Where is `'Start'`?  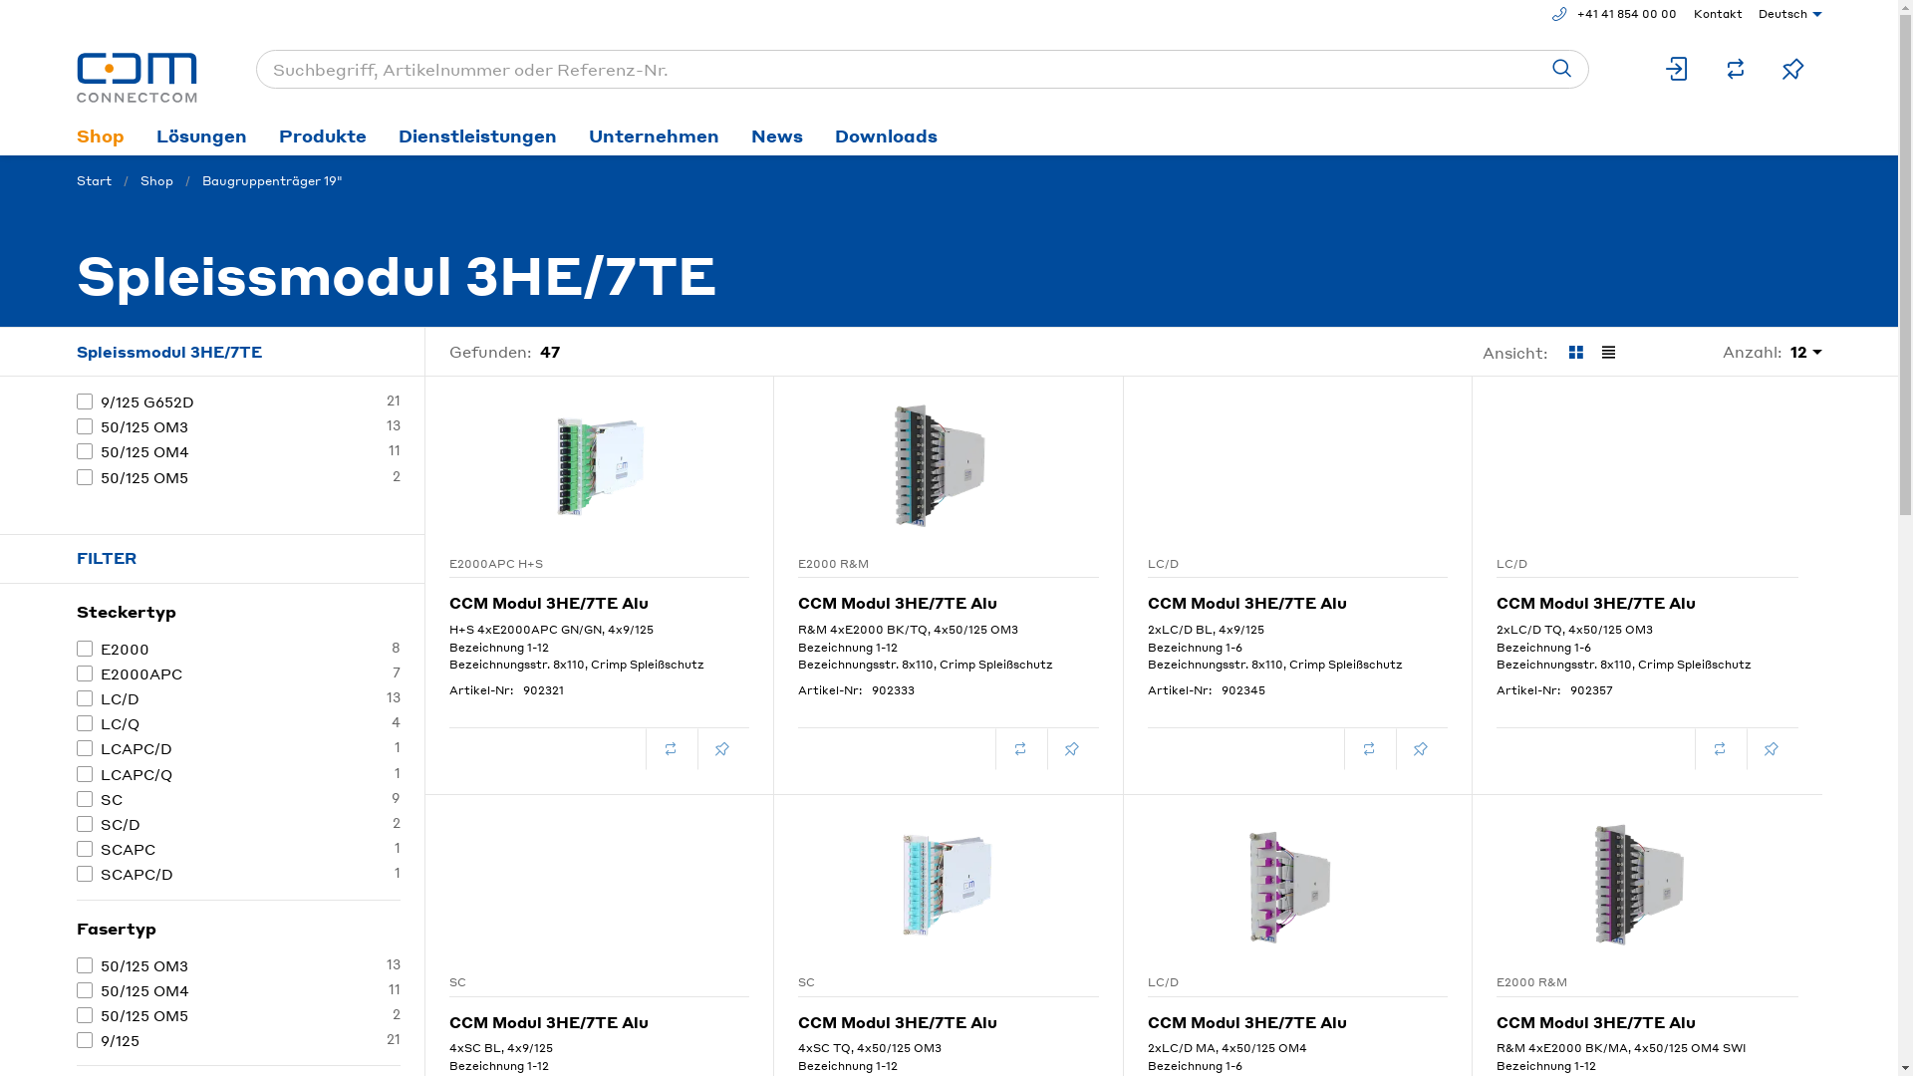 'Start' is located at coordinates (92, 180).